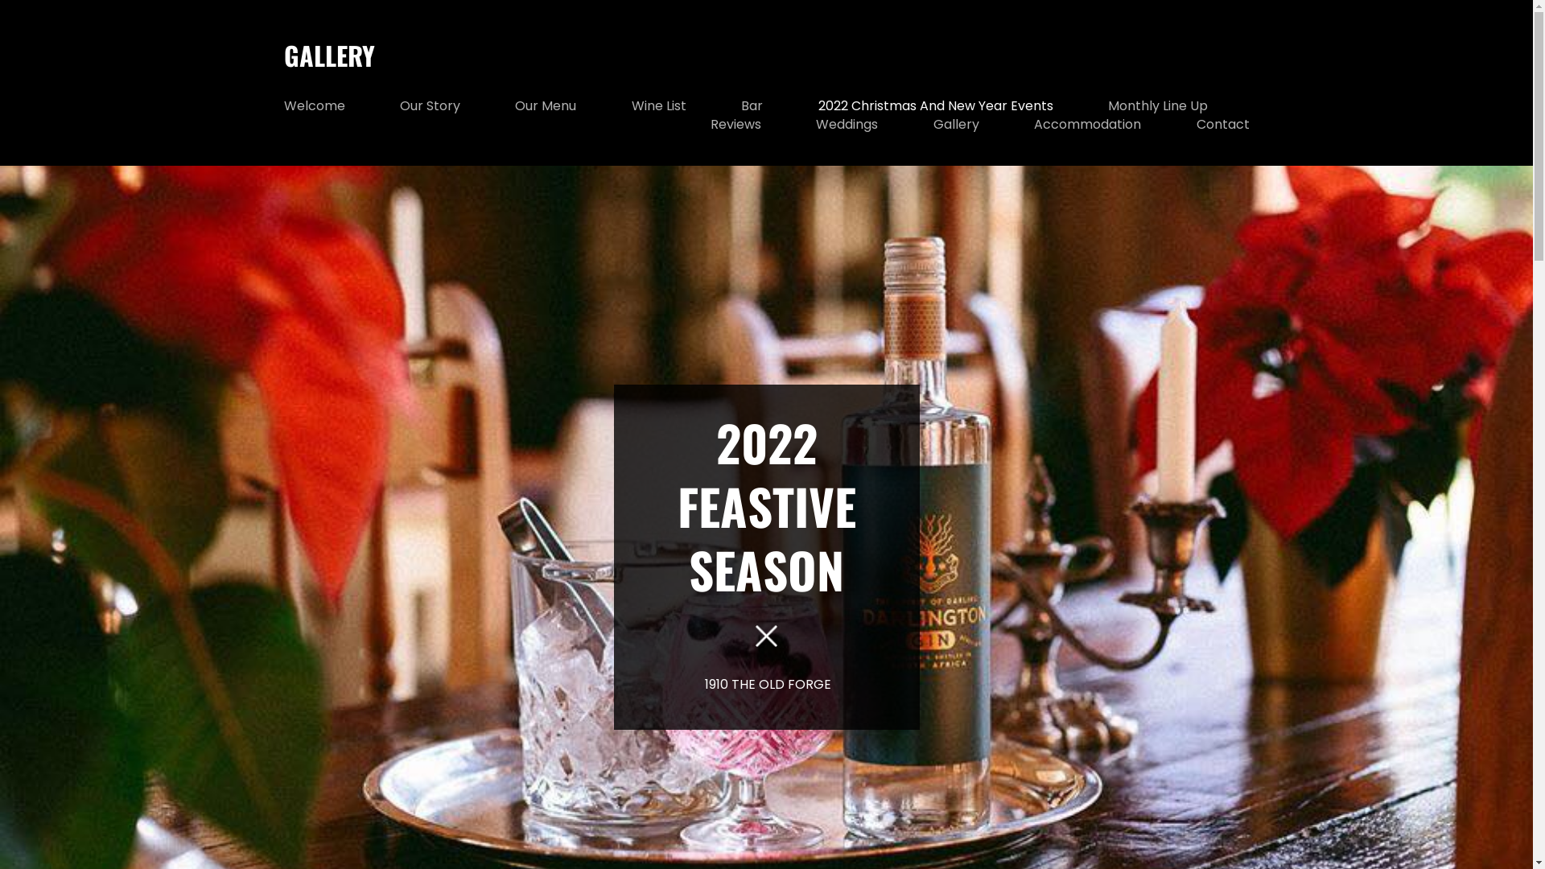  Describe the element at coordinates (1087, 123) in the screenshot. I see `'Accommodation'` at that location.